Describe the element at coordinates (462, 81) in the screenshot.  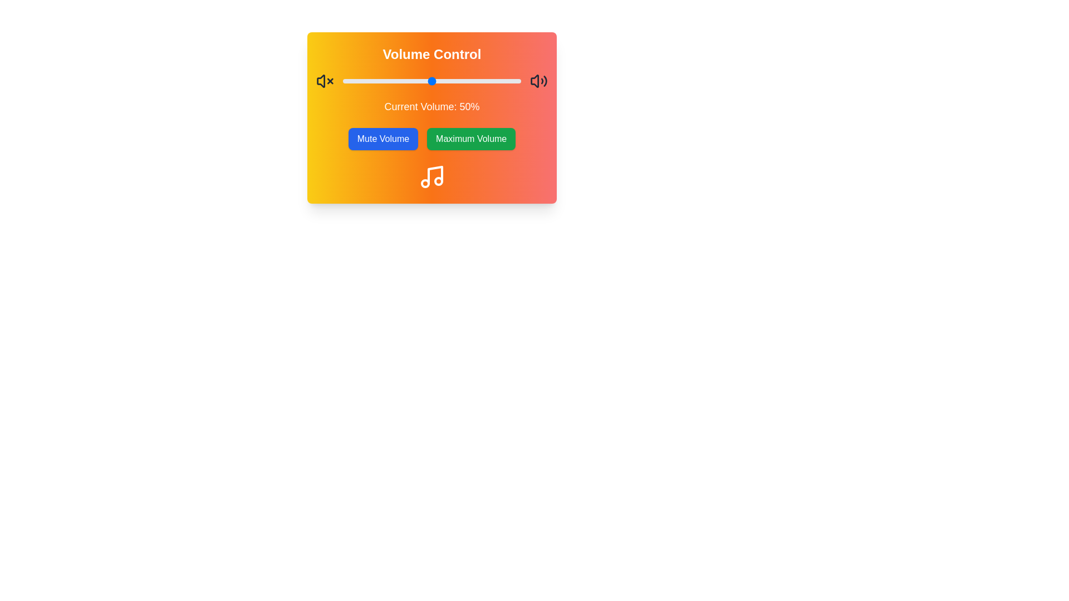
I see `the volume slider to 67%` at that location.